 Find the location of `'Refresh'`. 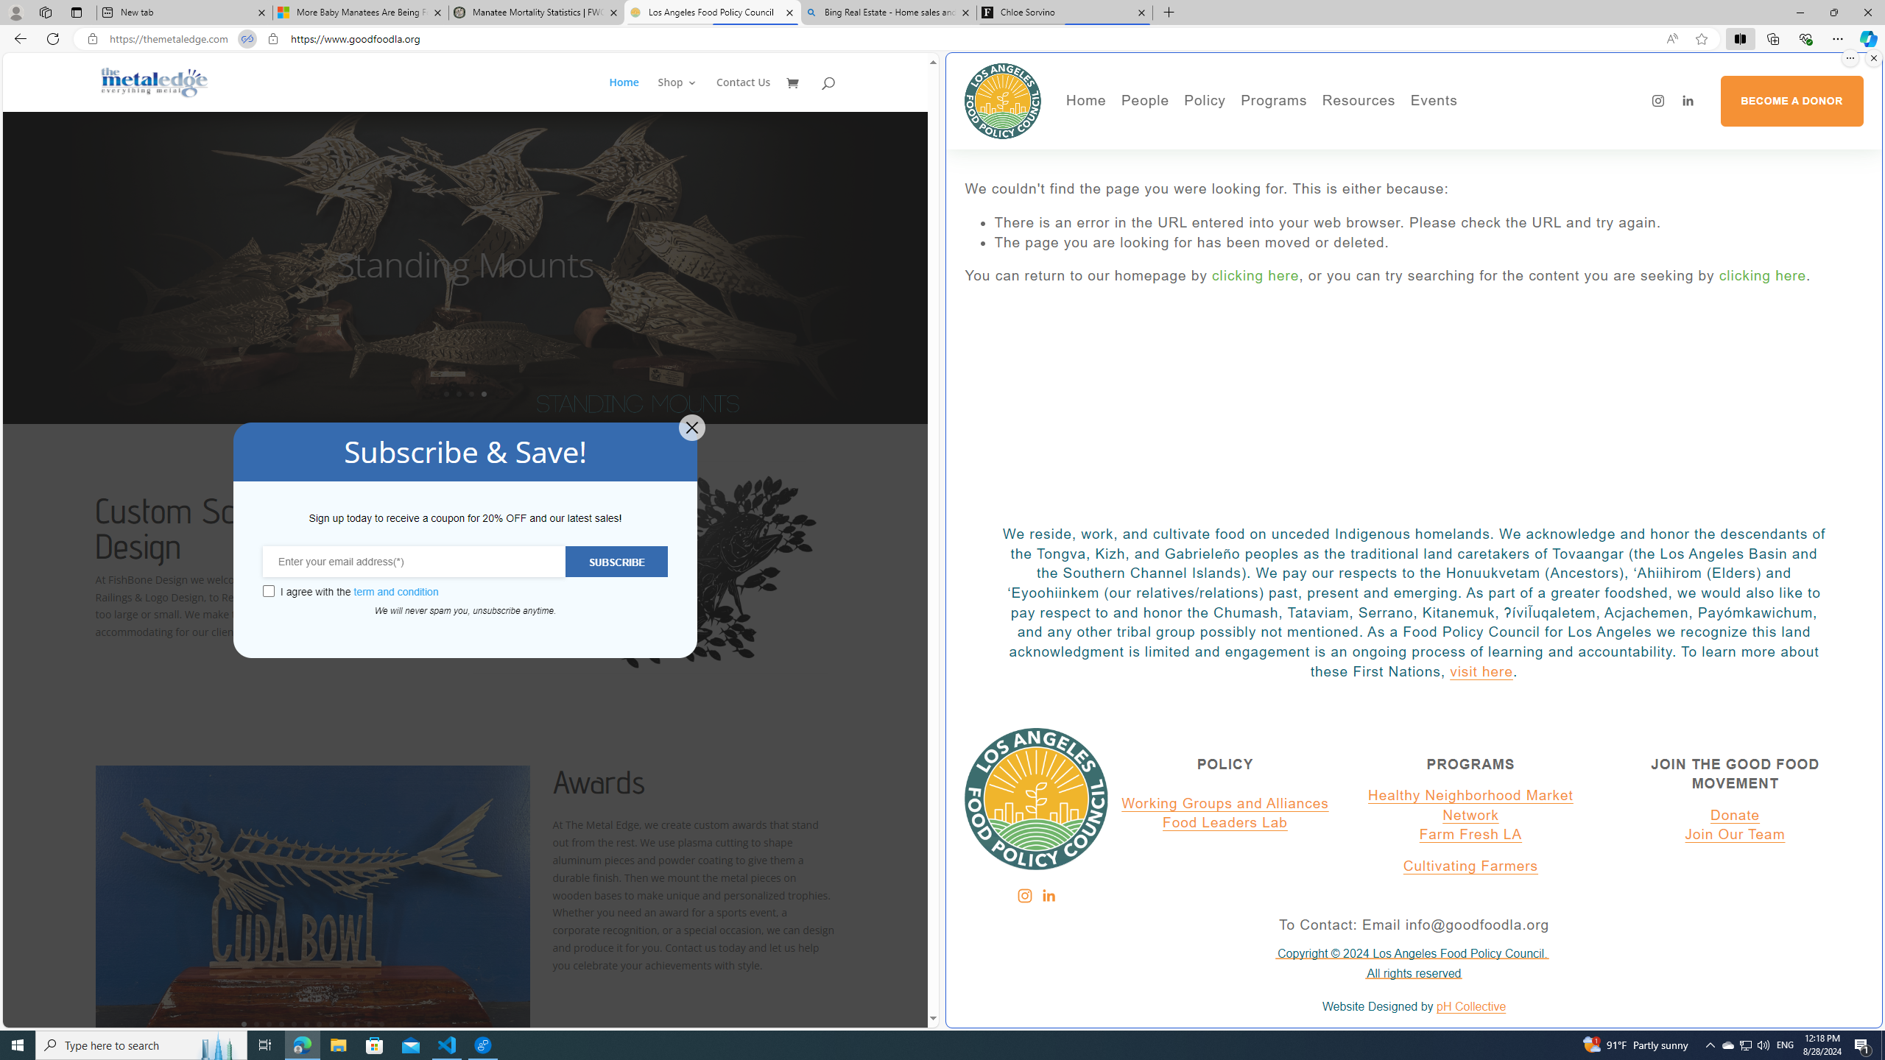

'Refresh' is located at coordinates (52, 38).